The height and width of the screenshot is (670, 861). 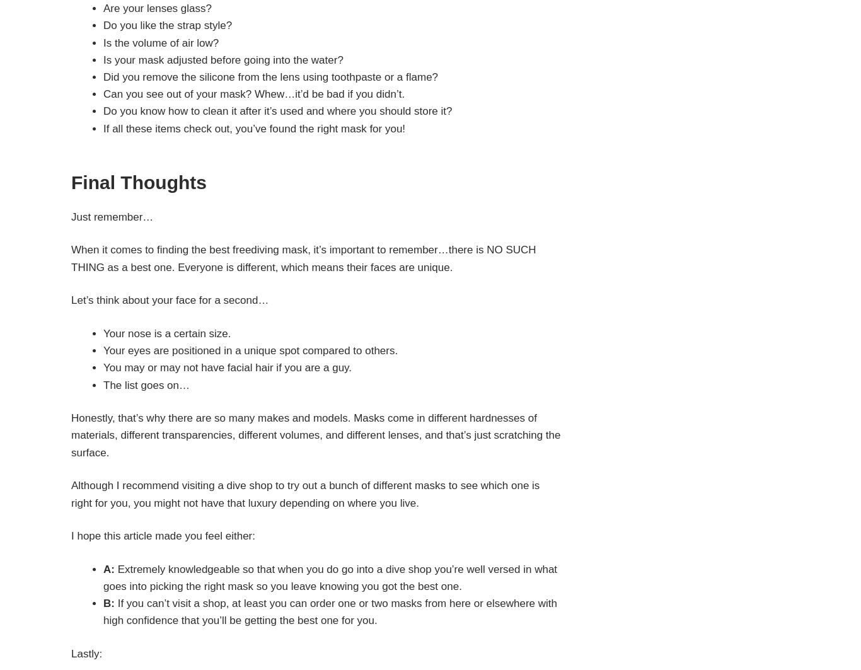 What do you see at coordinates (305, 493) in the screenshot?
I see `'Although I recommend visiting a dive shop to try out a bunch of different masks to see which one is right for you, you might not have that luxury depending on where you live.'` at bounding box center [305, 493].